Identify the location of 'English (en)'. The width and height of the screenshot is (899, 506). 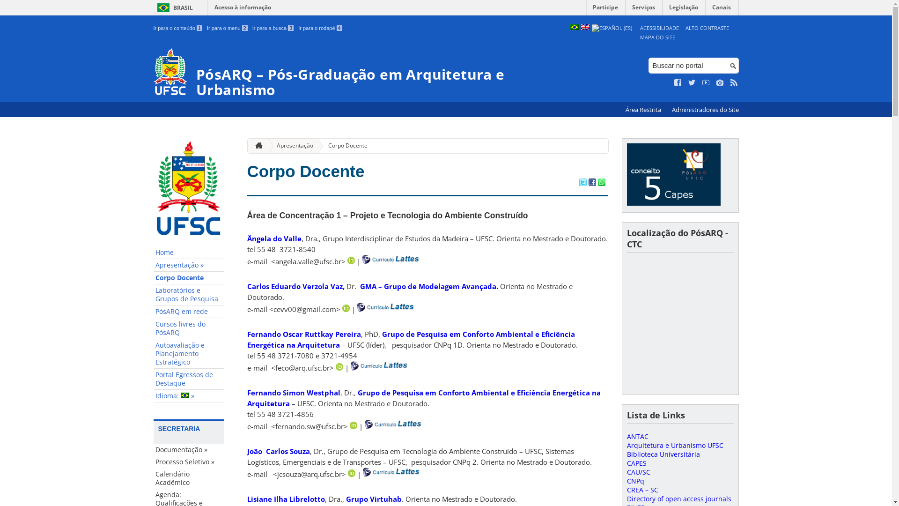
(584, 27).